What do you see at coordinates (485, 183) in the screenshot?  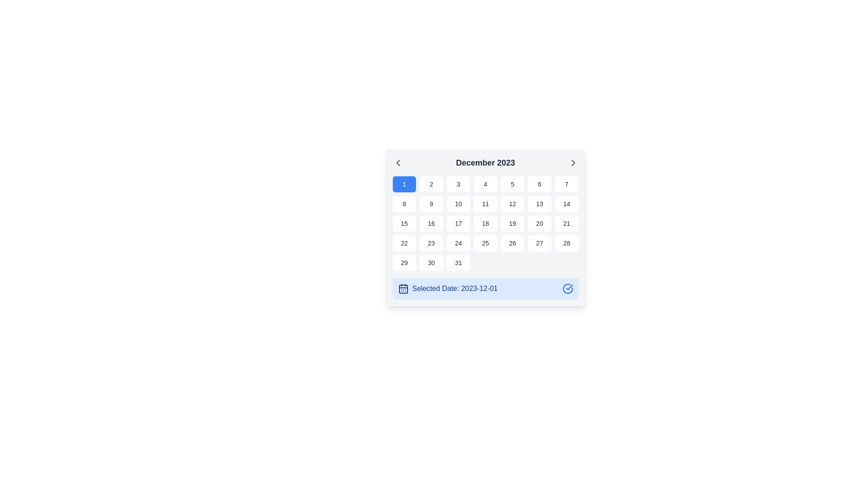 I see `the date button representing the day '4' in the calendar widget` at bounding box center [485, 183].